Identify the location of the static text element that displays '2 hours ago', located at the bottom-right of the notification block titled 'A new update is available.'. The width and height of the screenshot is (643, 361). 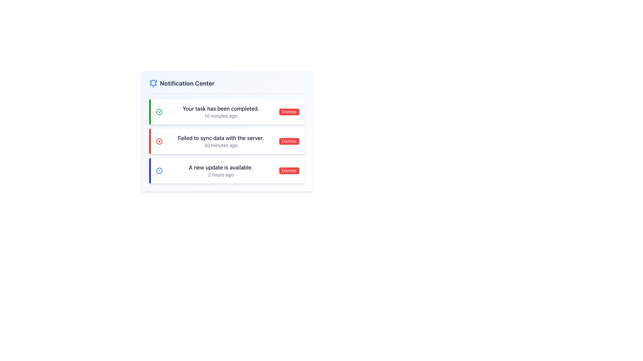
(221, 174).